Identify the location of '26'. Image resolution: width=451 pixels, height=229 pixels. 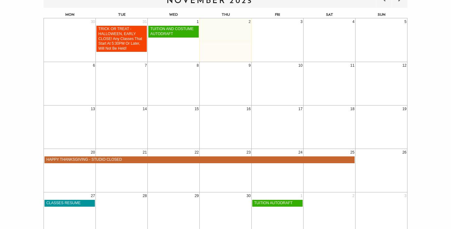
(404, 152).